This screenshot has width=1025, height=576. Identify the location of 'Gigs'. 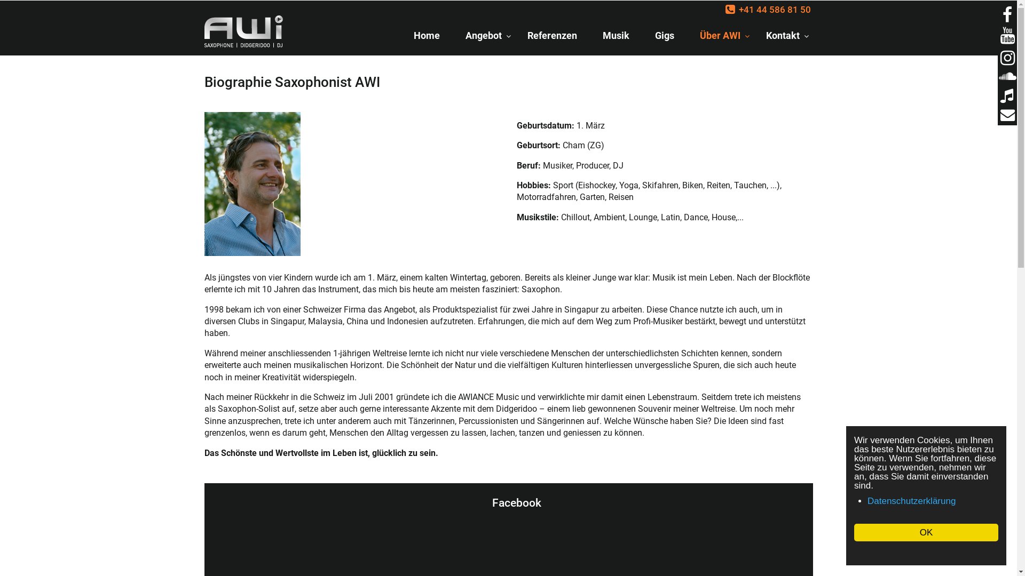
(664, 35).